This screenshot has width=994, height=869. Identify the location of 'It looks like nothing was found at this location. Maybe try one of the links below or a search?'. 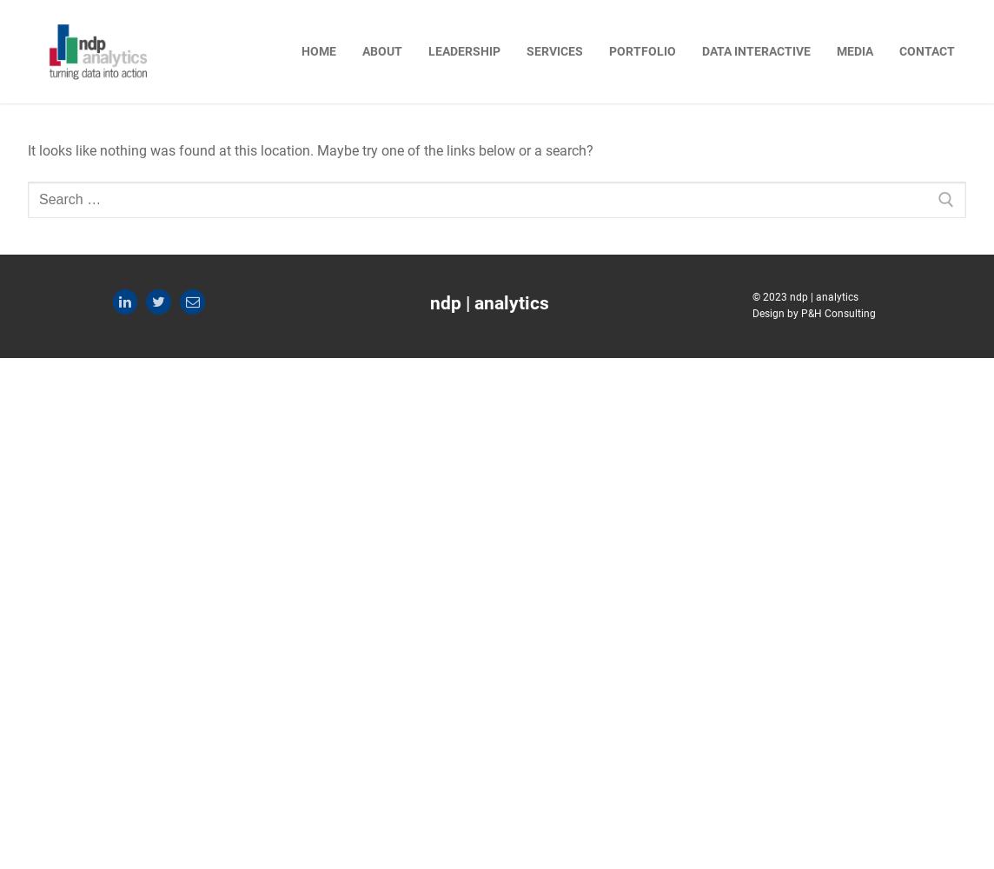
(310, 149).